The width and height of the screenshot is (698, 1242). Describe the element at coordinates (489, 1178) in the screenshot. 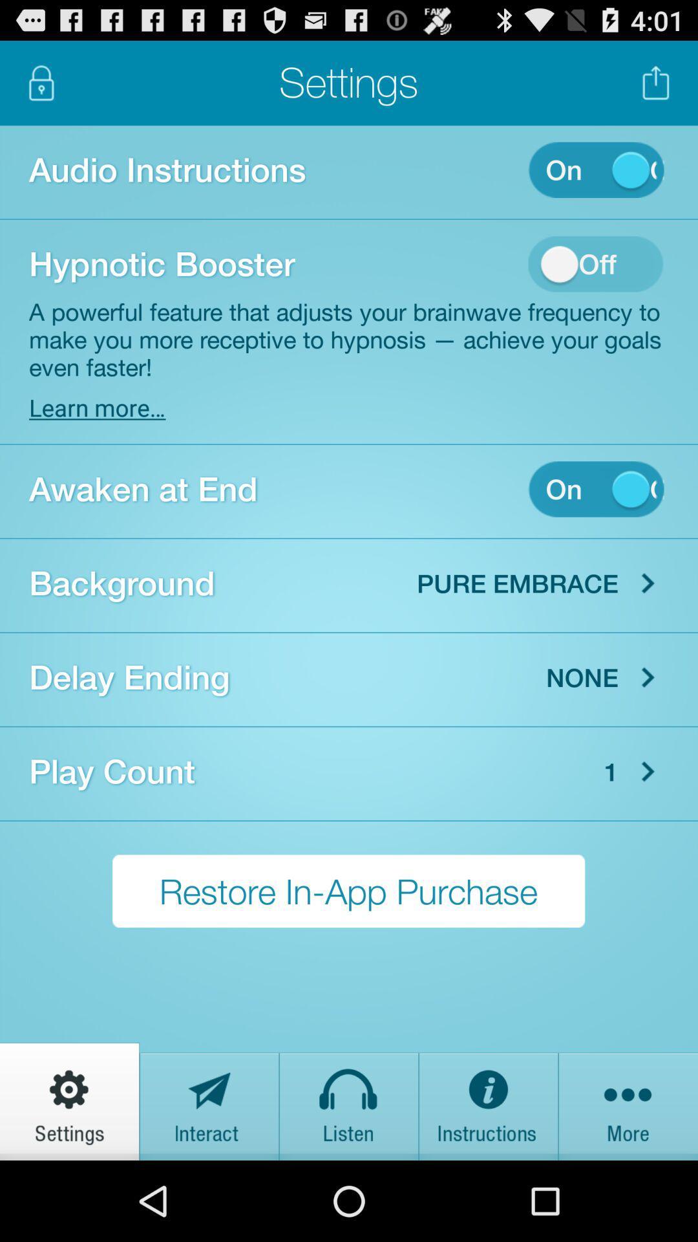

I see `the info icon` at that location.